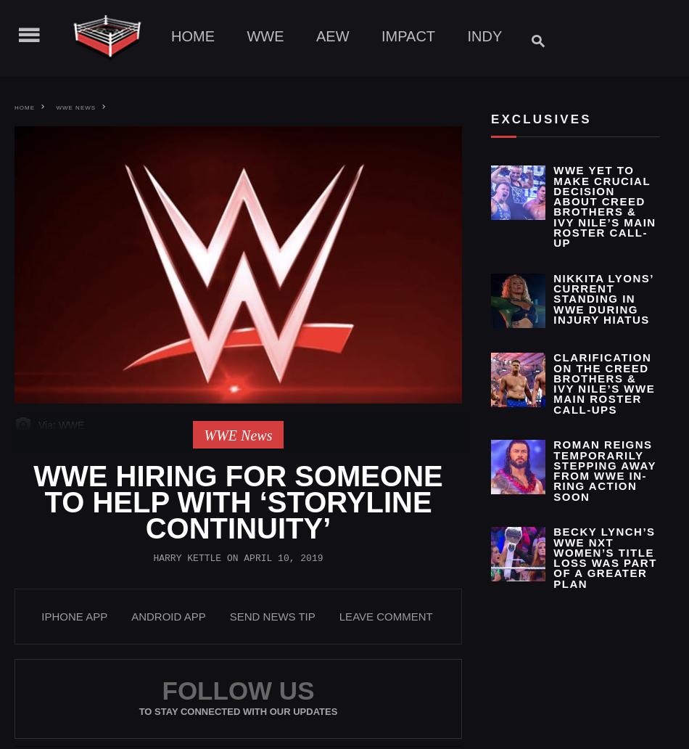  Describe the element at coordinates (331, 36) in the screenshot. I see `'AEW'` at that location.